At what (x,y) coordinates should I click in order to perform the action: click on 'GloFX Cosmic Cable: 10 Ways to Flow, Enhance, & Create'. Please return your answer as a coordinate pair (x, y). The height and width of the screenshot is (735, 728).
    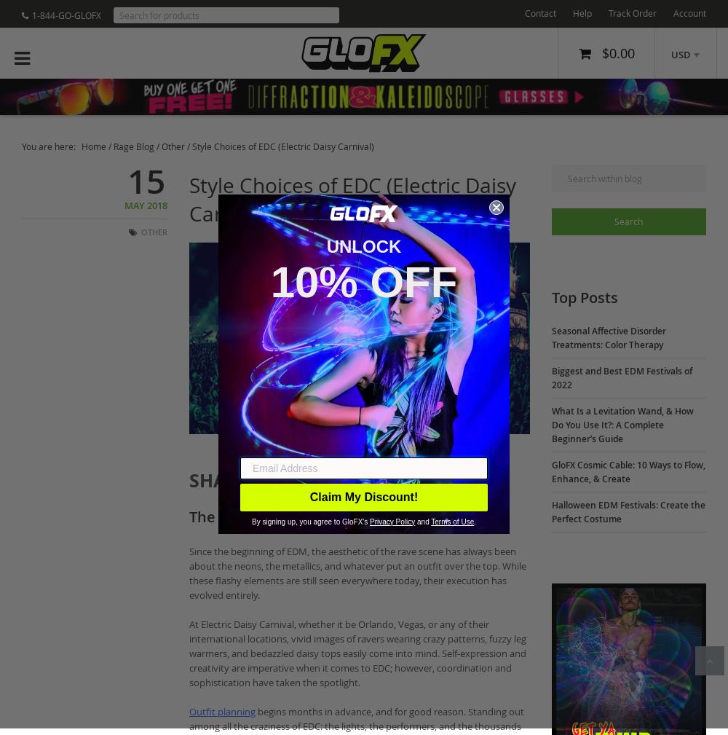
    Looking at the image, I should click on (627, 471).